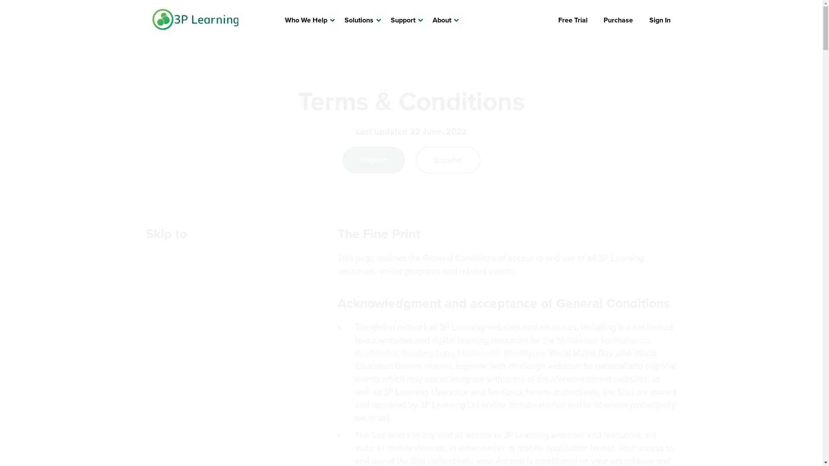 The image size is (829, 466). I want to click on 'Free Trial', so click(572, 19).